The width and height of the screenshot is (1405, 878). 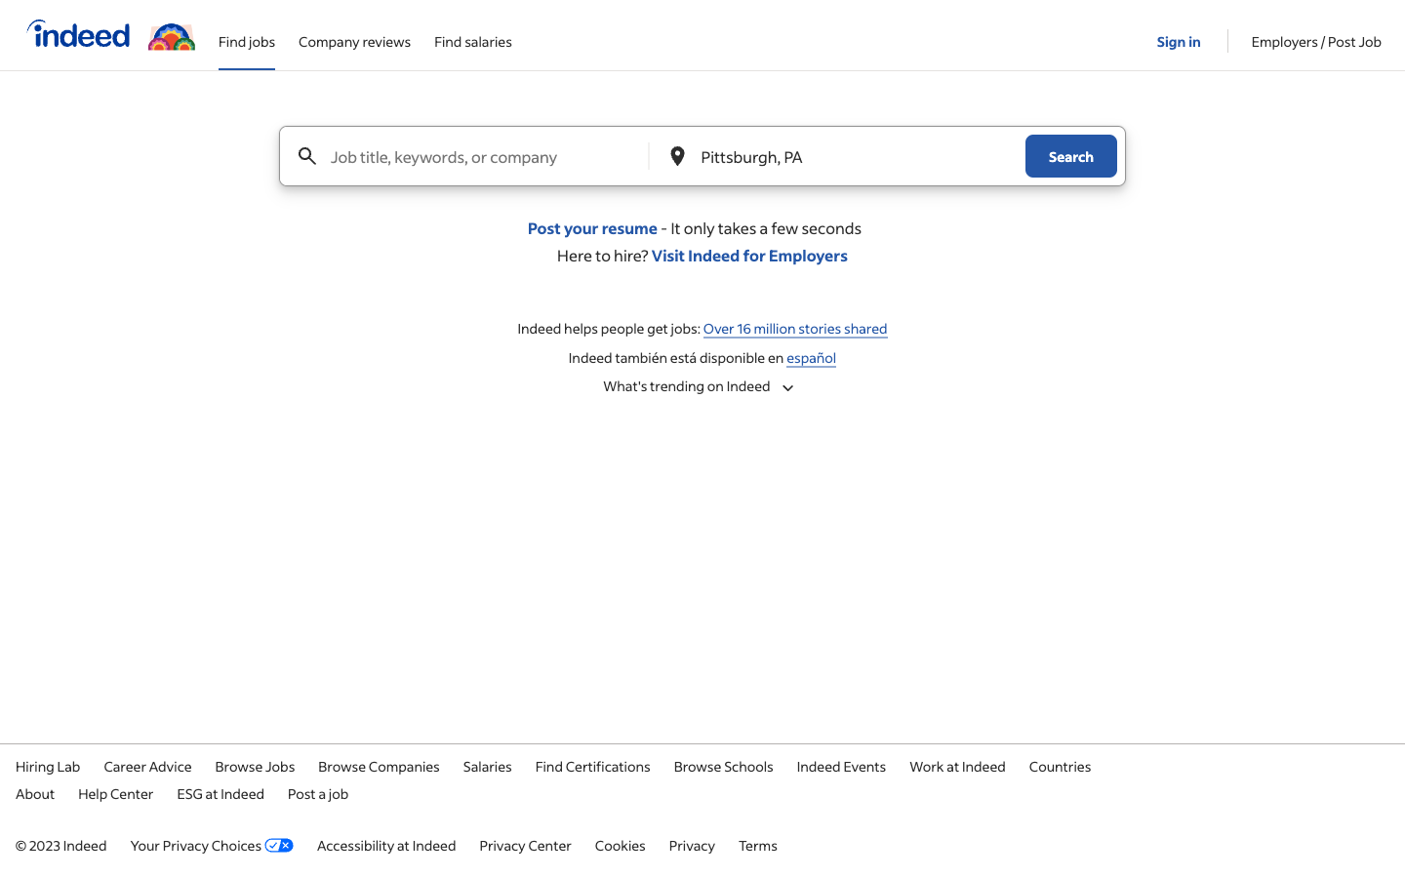 What do you see at coordinates (486, 156) in the screenshot?
I see `Search for Machine Learning Engineer job` at bounding box center [486, 156].